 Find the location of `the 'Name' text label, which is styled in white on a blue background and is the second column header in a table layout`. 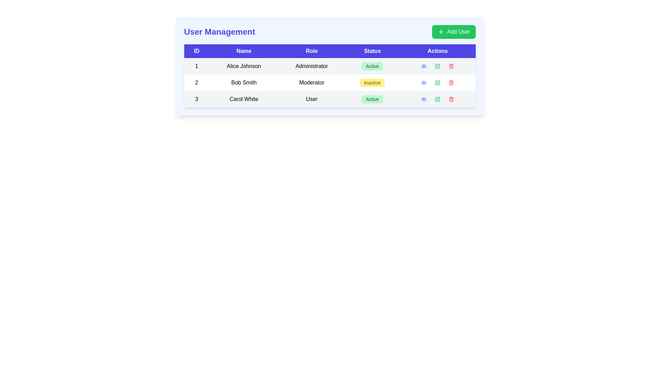

the 'Name' text label, which is styled in white on a blue background and is the second column header in a table layout is located at coordinates (244, 51).